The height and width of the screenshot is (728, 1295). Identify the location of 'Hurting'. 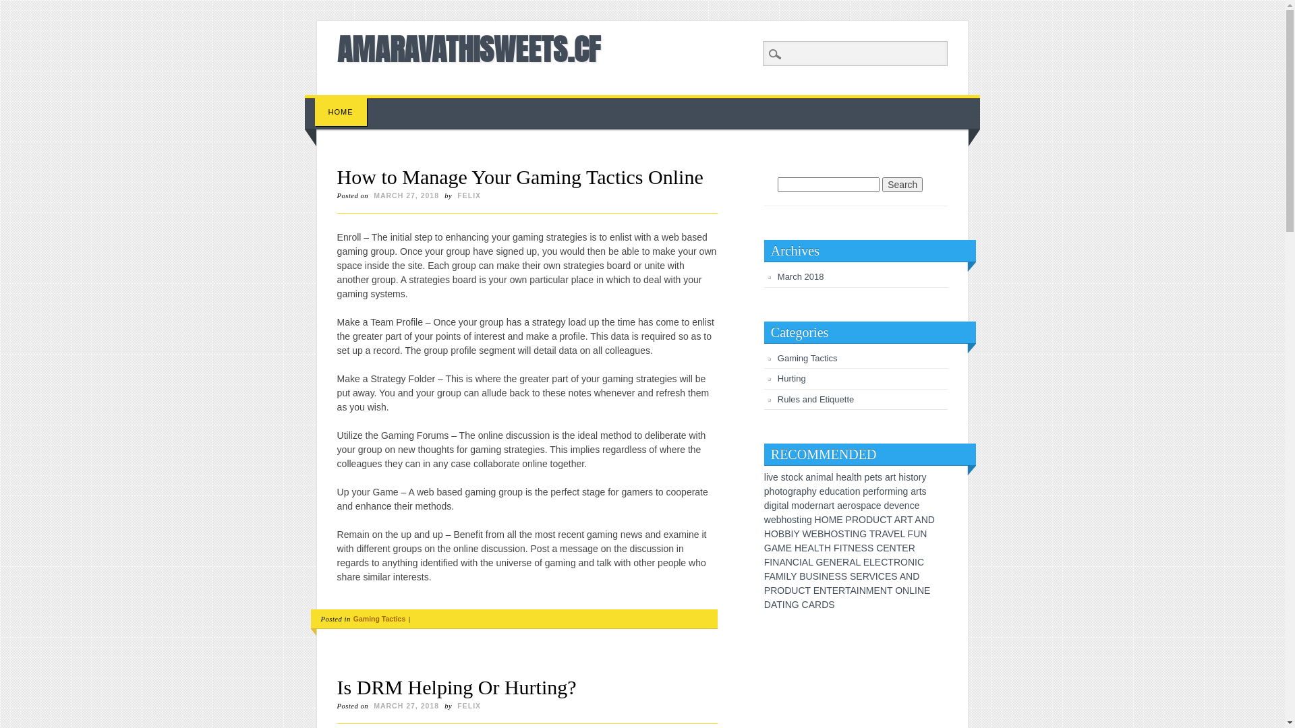
(777, 378).